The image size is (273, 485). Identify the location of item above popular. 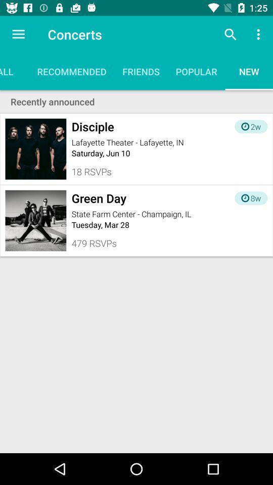
(230, 34).